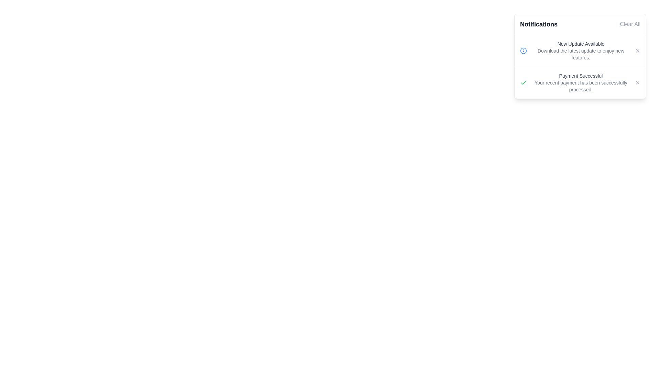  I want to click on text content of the notification panel displaying 'Payment Successful' and 'Your recent payment has been successfully processed.', so click(580, 82).